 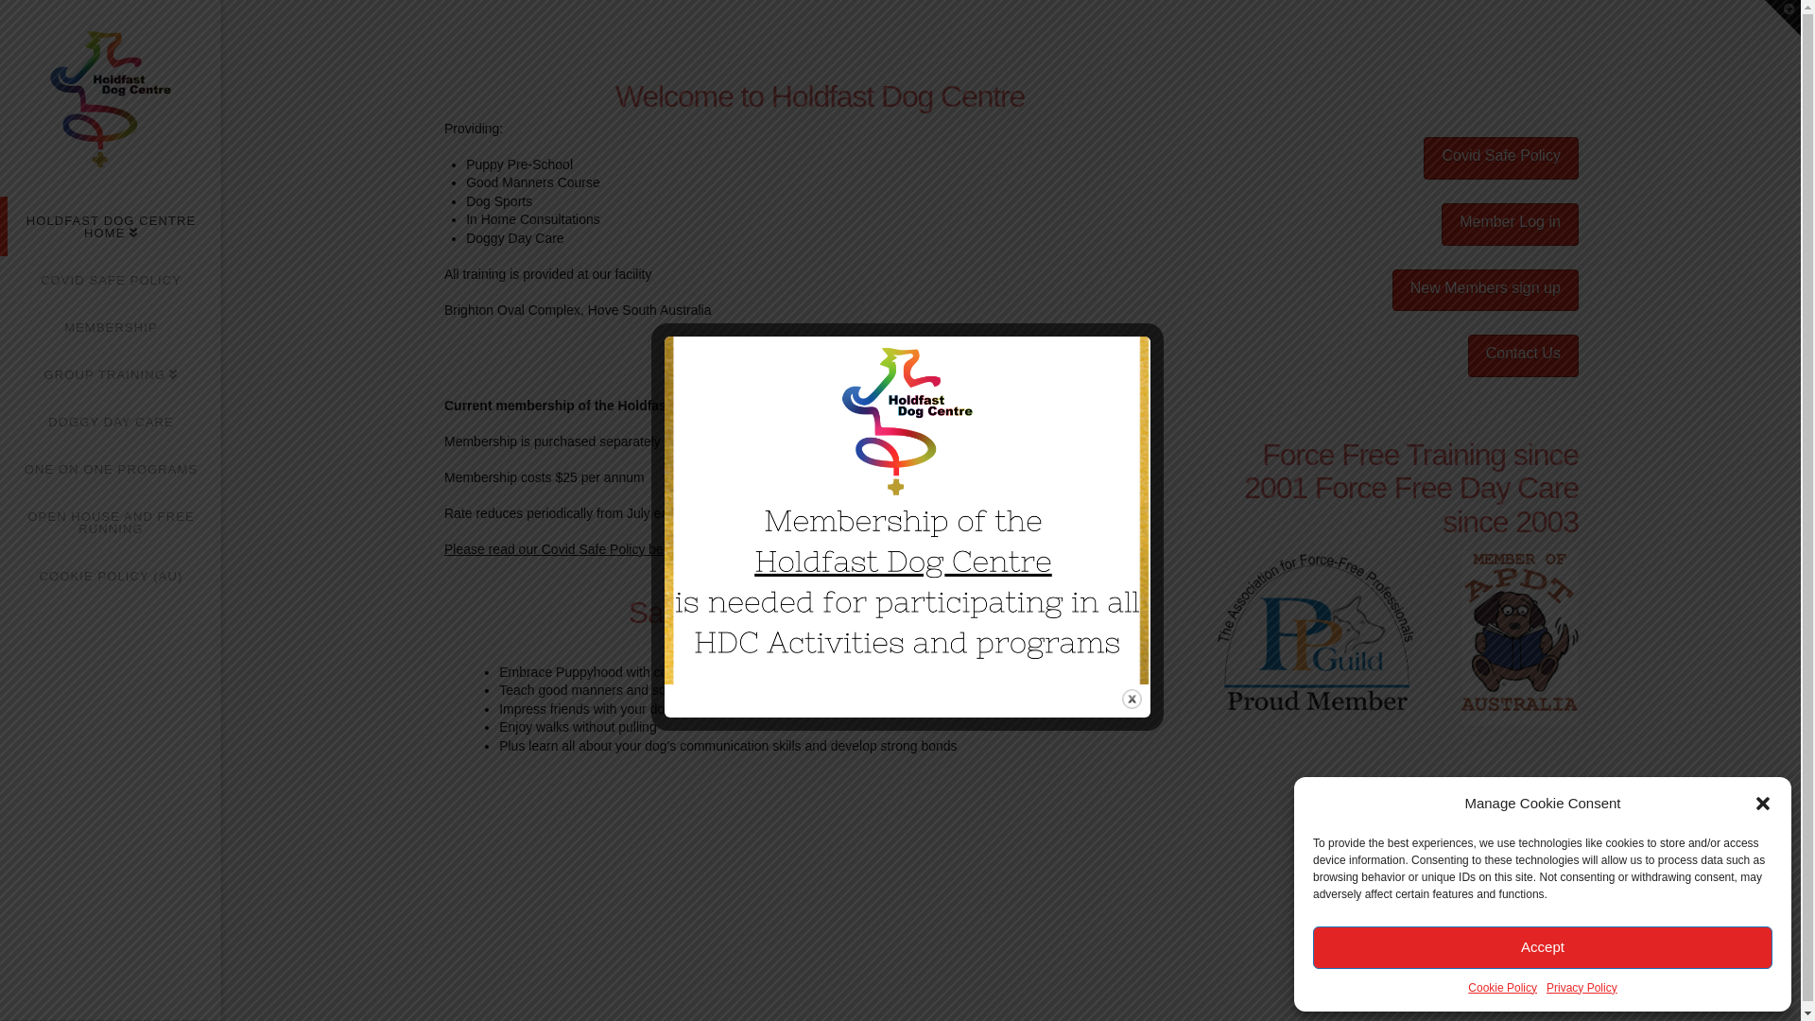 What do you see at coordinates (109, 374) in the screenshot?
I see `'GROUP TRAINING'` at bounding box center [109, 374].